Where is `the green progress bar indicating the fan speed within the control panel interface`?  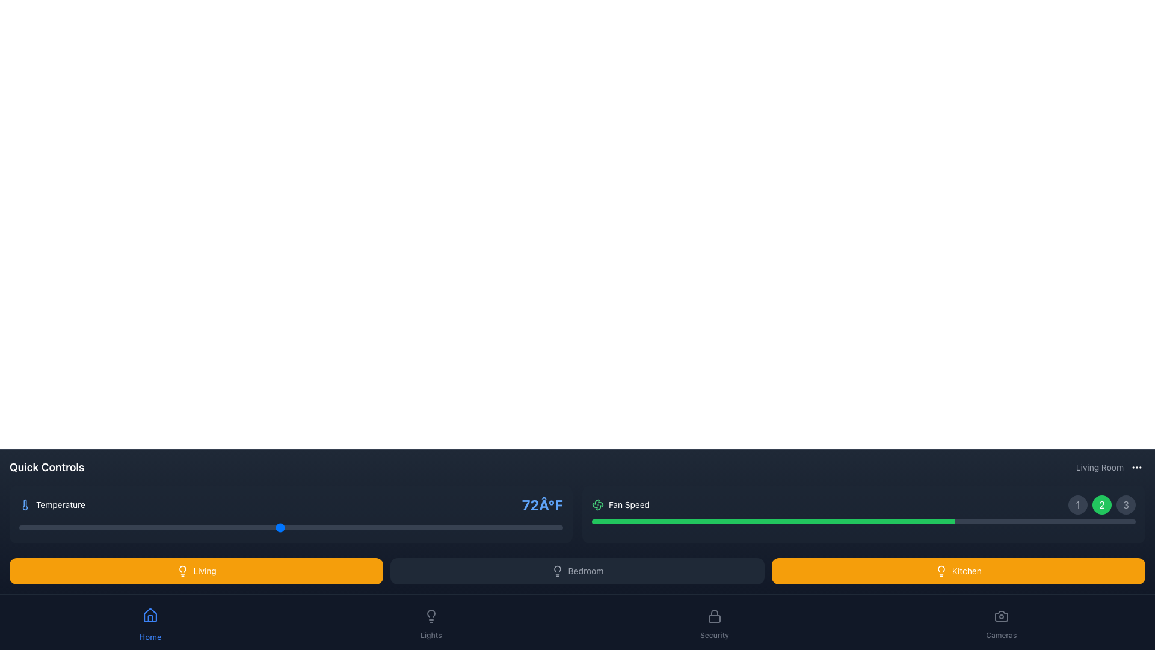
the green progress bar indicating the fan speed within the control panel interface is located at coordinates (773, 521).